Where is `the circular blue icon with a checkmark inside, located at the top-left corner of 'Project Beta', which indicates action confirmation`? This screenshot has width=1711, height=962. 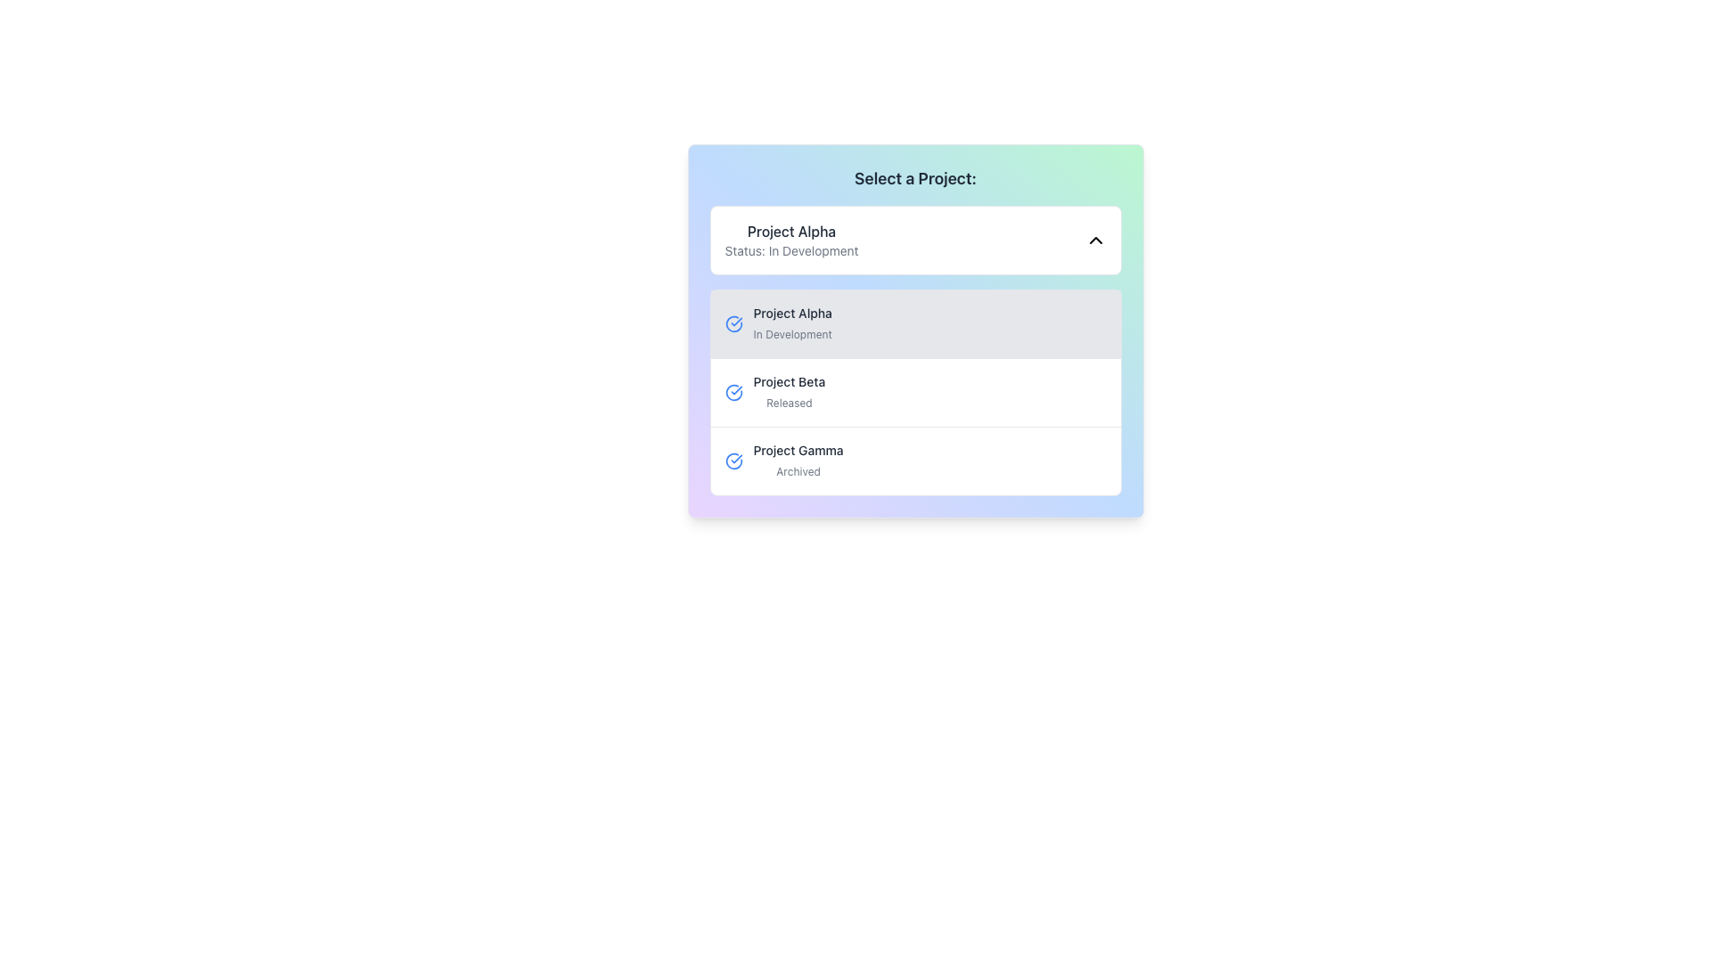 the circular blue icon with a checkmark inside, located at the top-left corner of 'Project Beta', which indicates action confirmation is located at coordinates (733, 391).